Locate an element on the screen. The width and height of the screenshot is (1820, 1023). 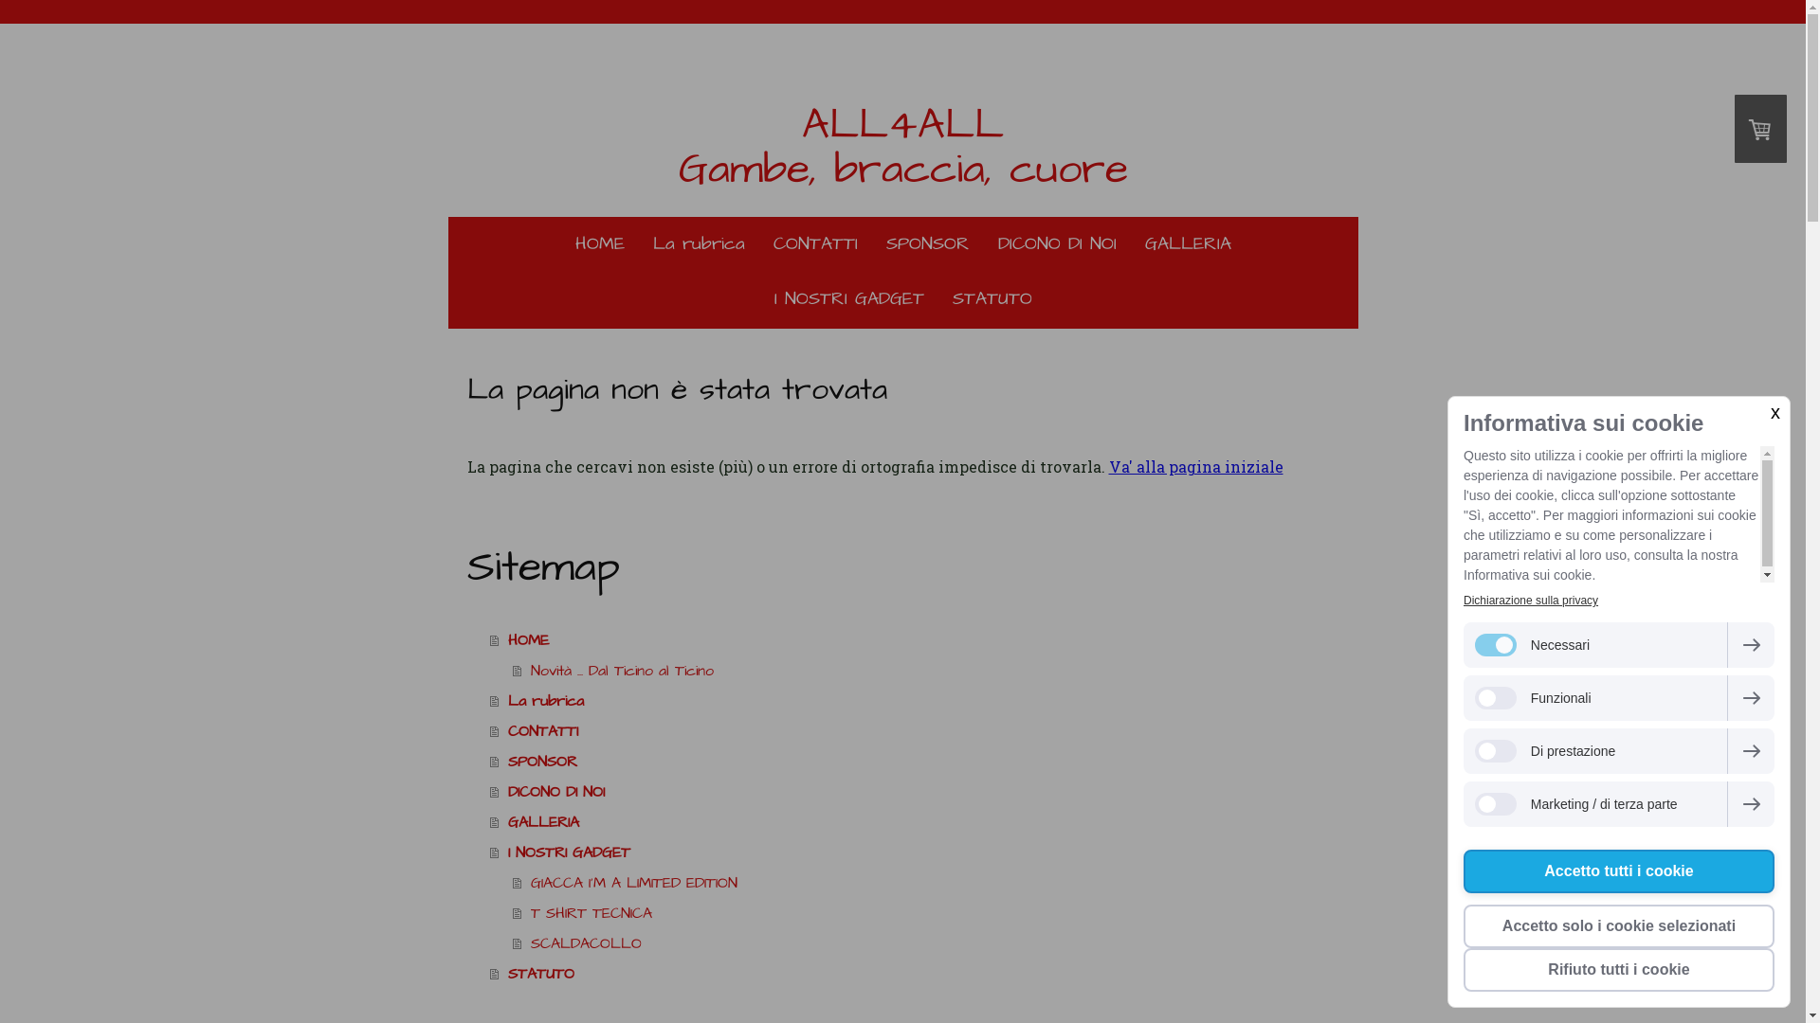
'ALL4ALL is located at coordinates (902, 147).